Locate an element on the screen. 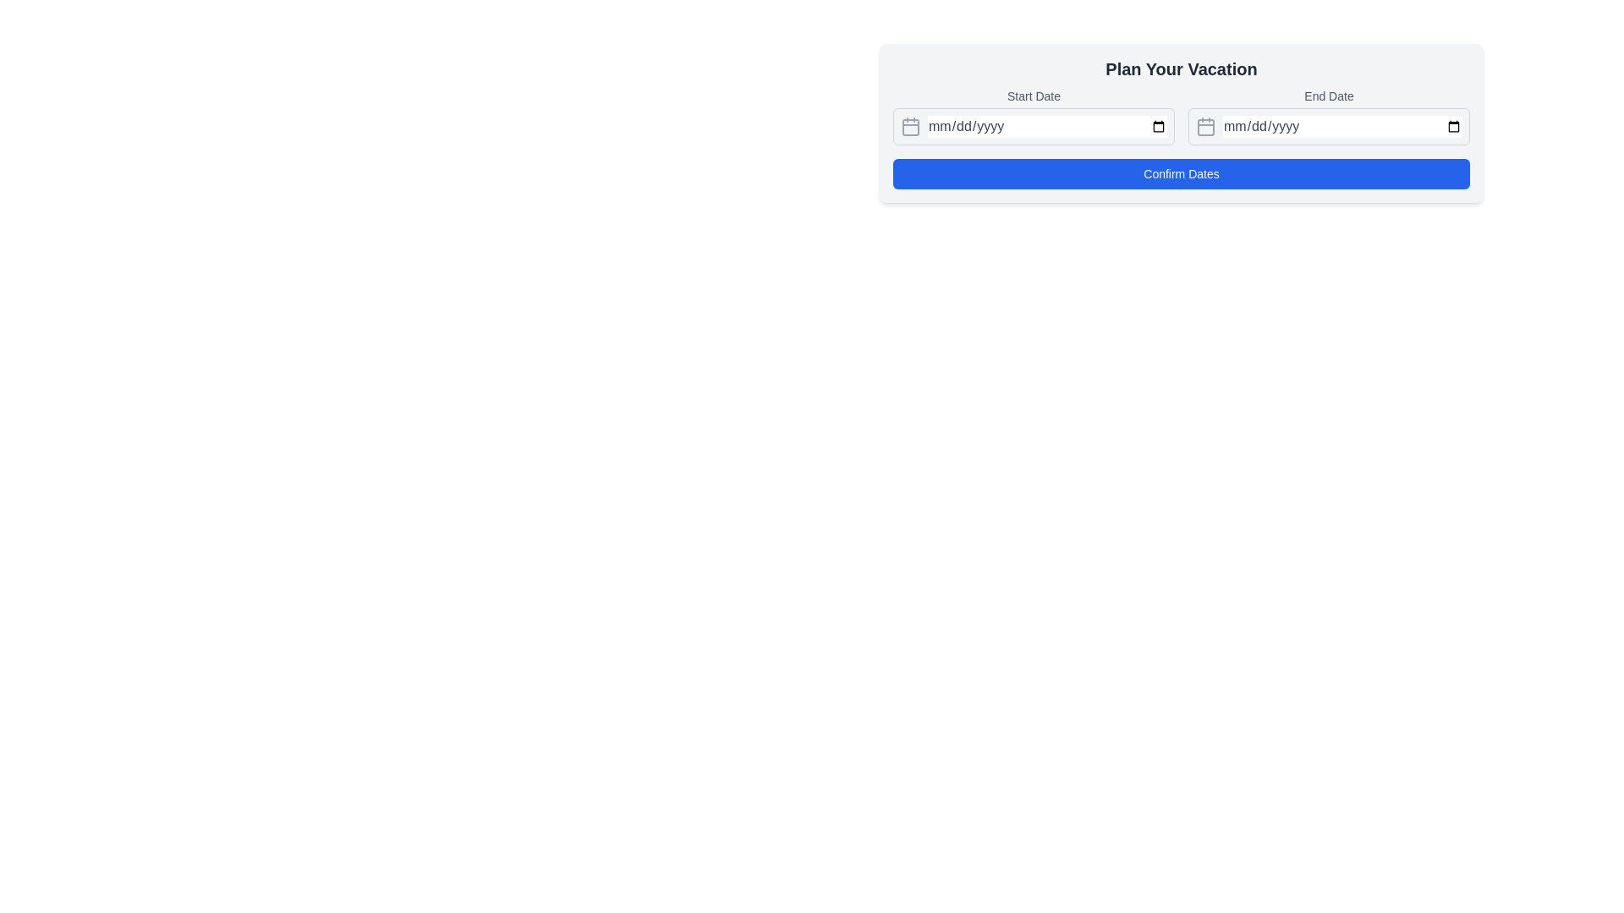 This screenshot has height=913, width=1624. the end date input field located under the 'End Date' label, to the right of the 'Start Date' input is located at coordinates (1328, 126).